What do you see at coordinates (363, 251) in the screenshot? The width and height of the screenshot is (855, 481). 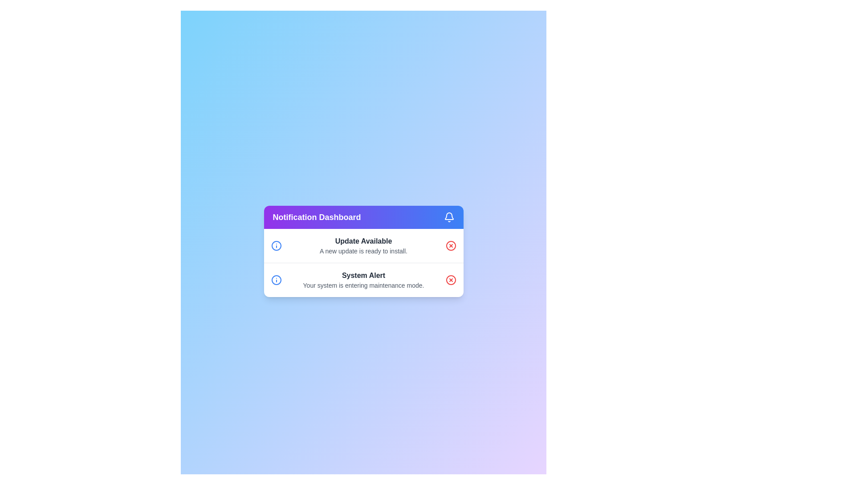 I see `the text label providing additional information for the notification 'Update Available', which is located beneath the heading and above the 'System Alert' notification` at bounding box center [363, 251].